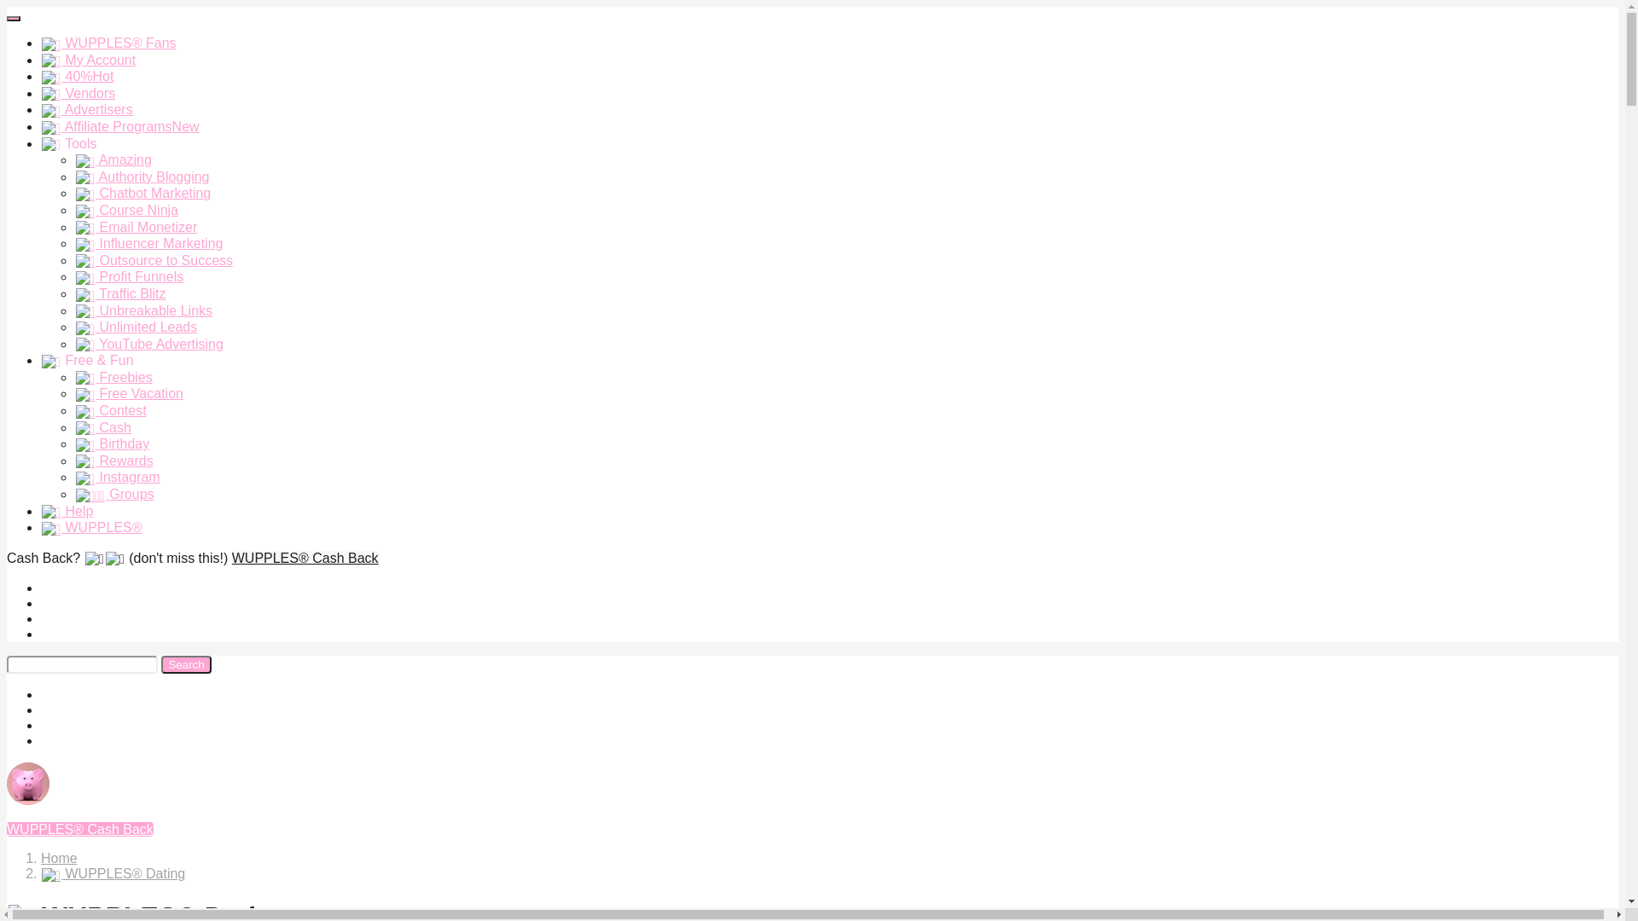 This screenshot has height=921, width=1638. Describe the element at coordinates (119, 125) in the screenshot. I see `'Affiliate ProgramsNew'` at that location.